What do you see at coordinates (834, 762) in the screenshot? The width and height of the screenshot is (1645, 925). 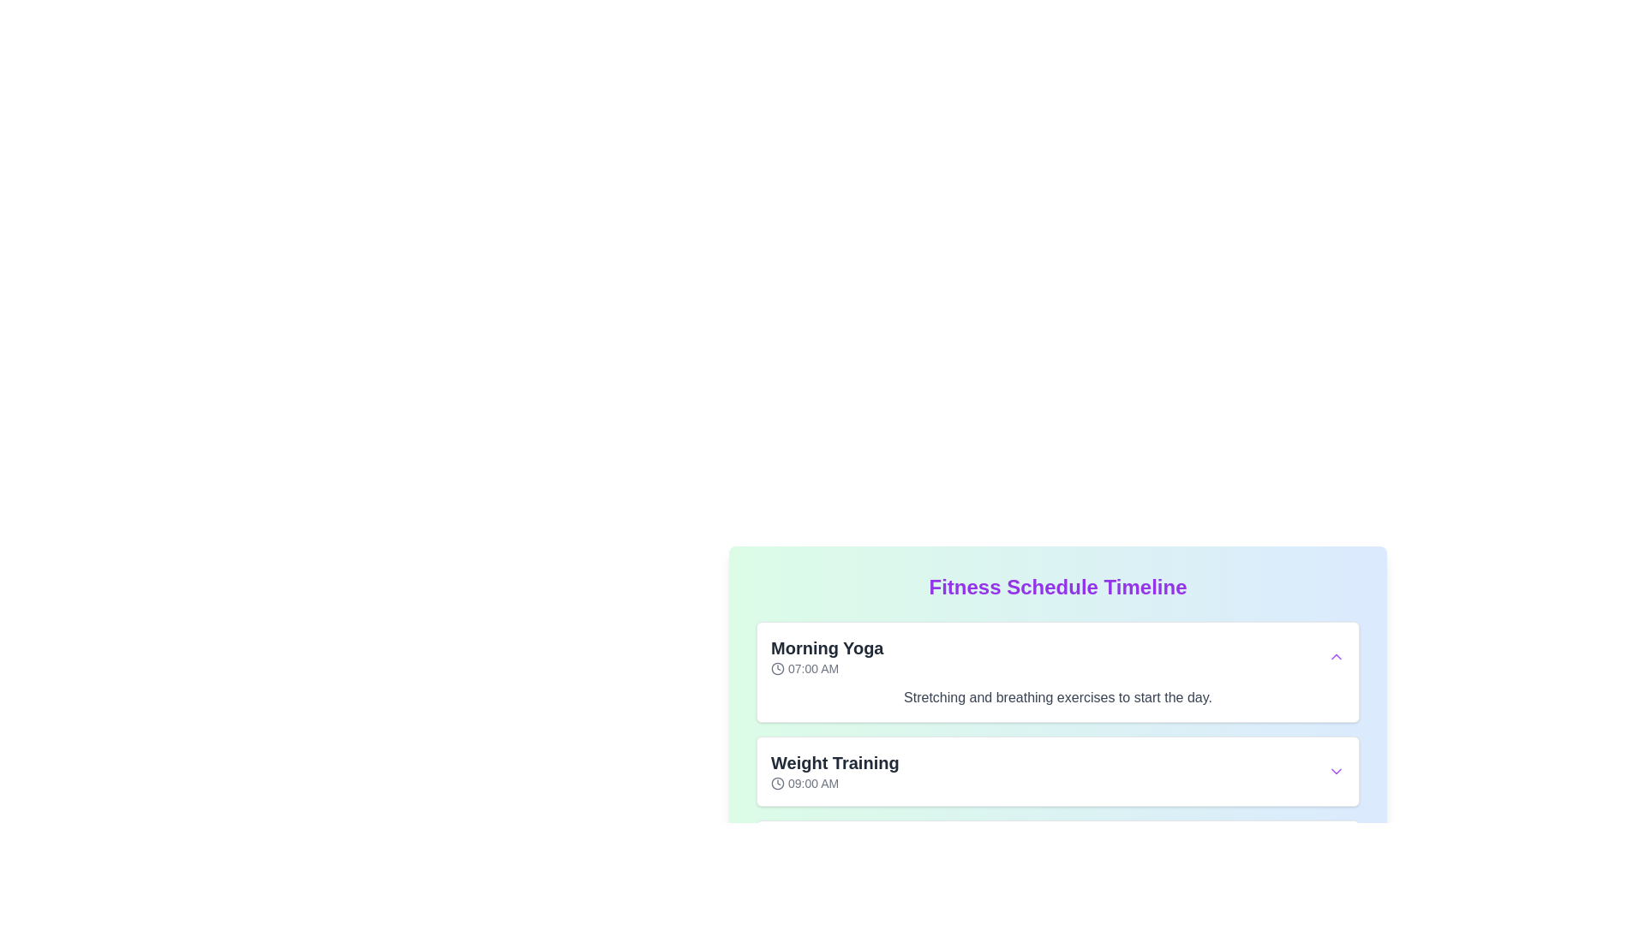 I see `the 'Weight Training' text label, which serves as the title for the corresponding schedule entry in the fitness schedule timeline` at bounding box center [834, 762].